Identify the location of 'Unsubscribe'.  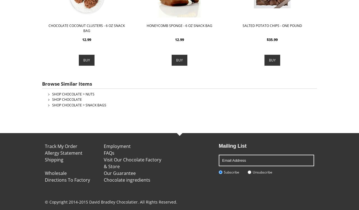
(262, 172).